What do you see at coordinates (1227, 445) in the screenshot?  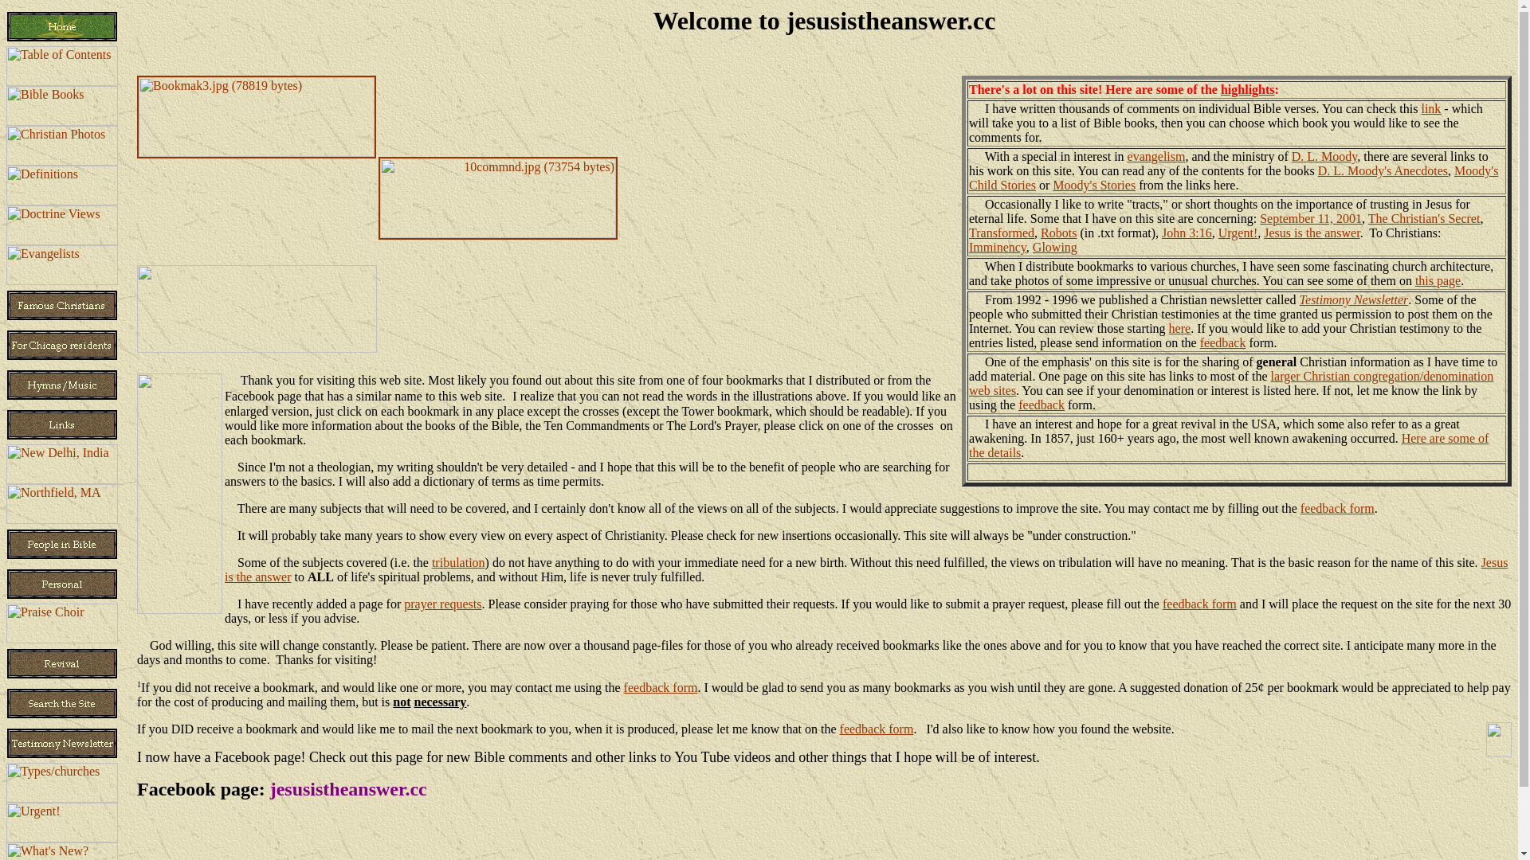 I see `'Here are some of the details'` at bounding box center [1227, 445].